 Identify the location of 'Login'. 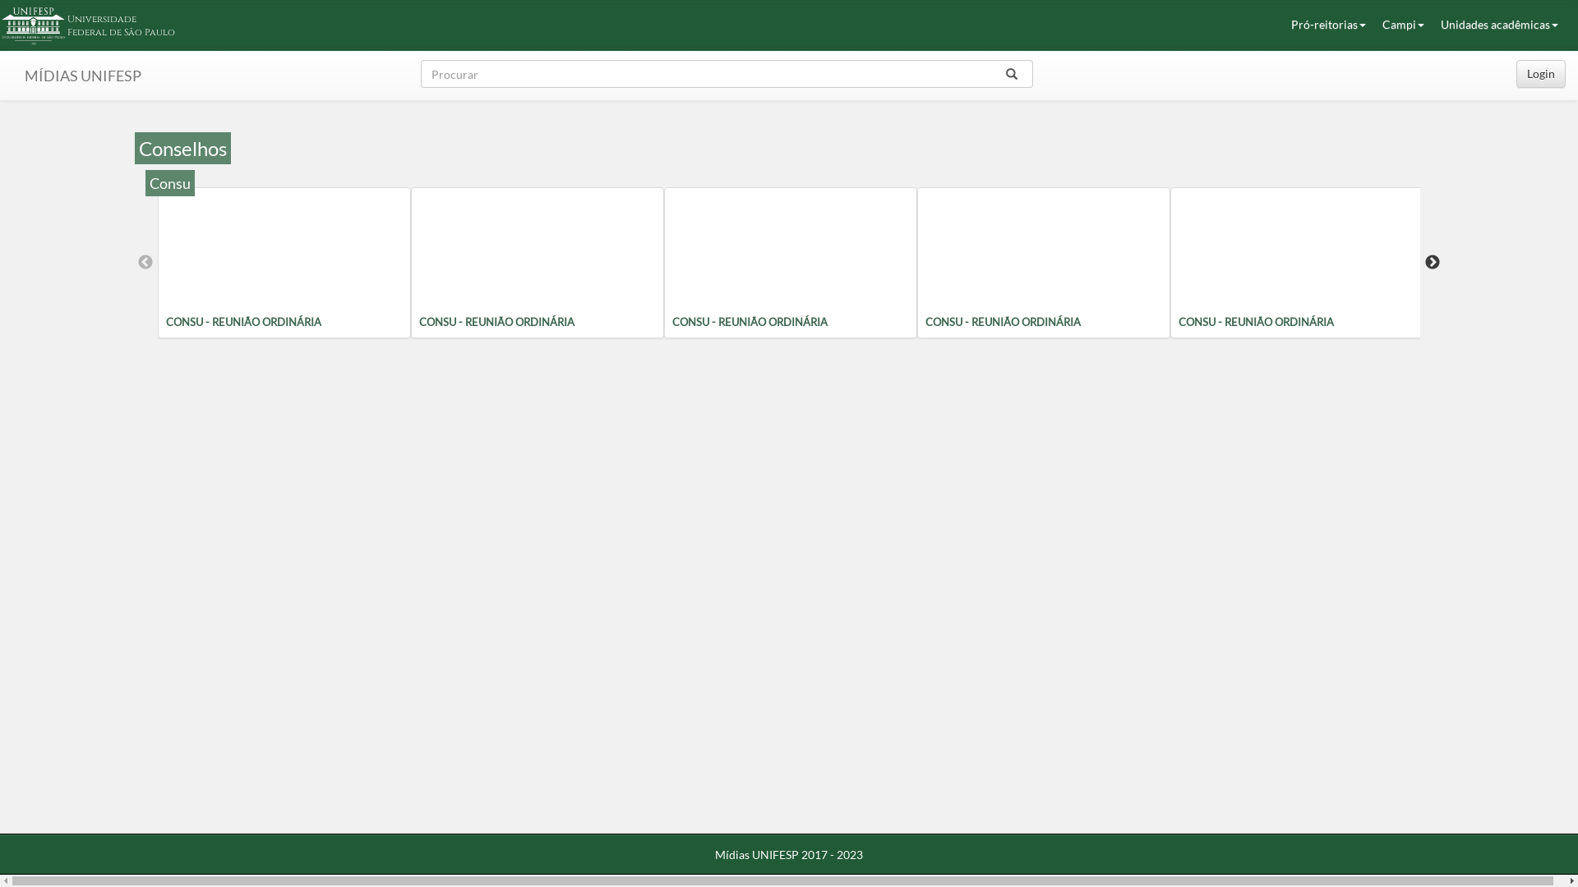
(1540, 72).